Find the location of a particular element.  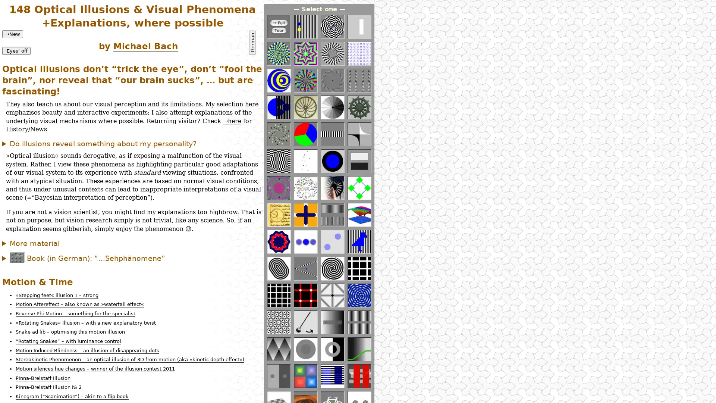

New is located at coordinates (12, 34).